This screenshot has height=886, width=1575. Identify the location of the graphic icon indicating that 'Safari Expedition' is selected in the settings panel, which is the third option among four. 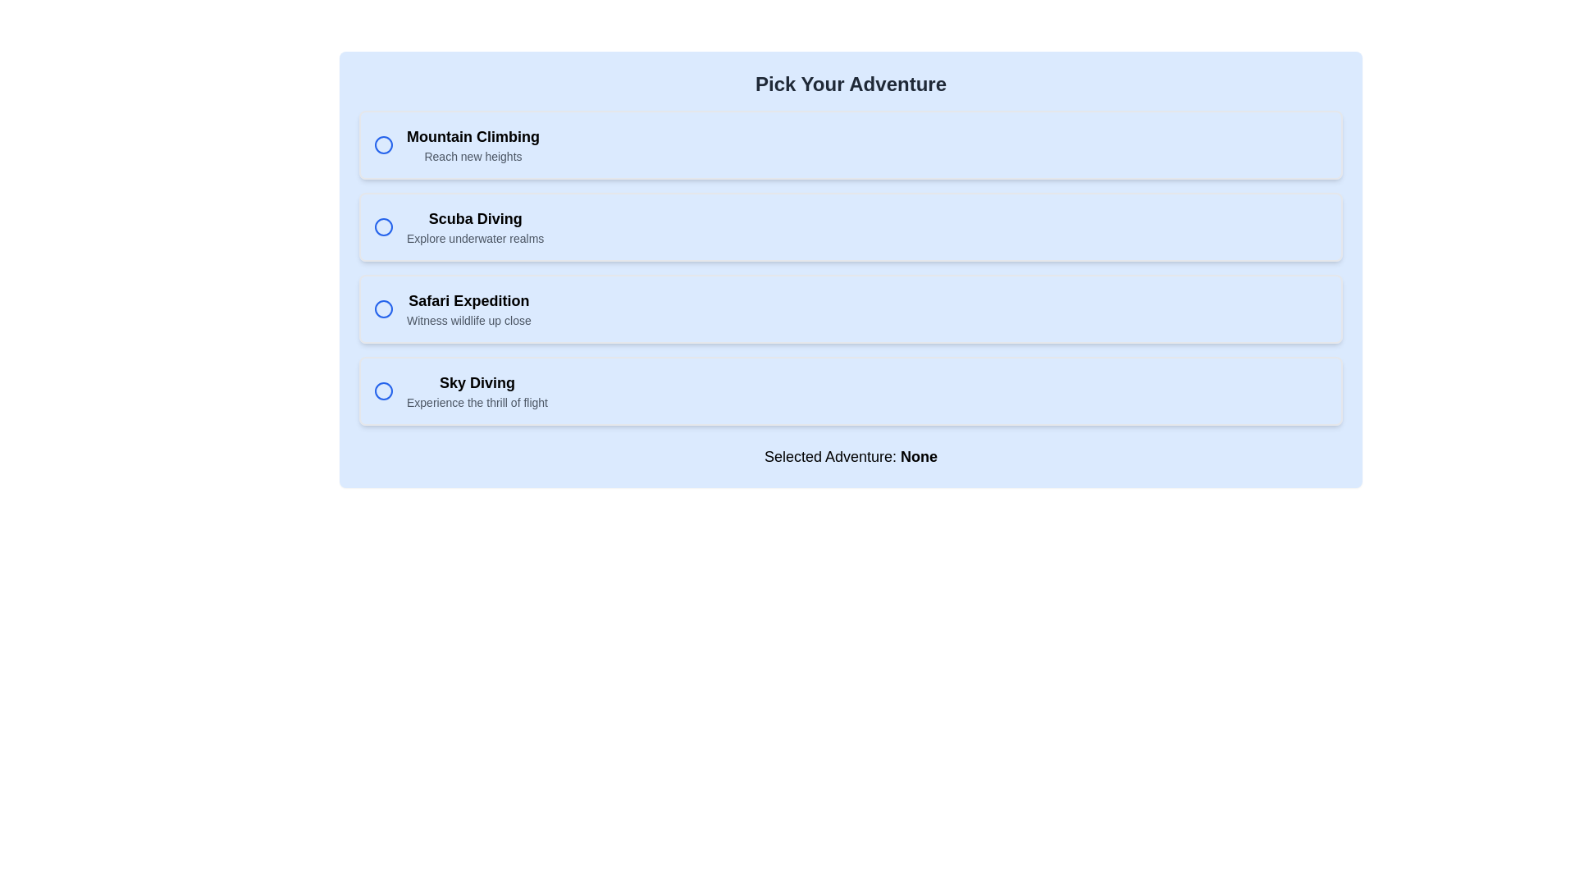
(382, 309).